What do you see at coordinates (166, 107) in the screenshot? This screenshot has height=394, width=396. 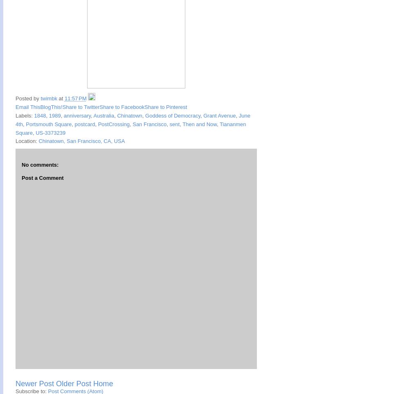 I see `'Share to Pinterest'` at bounding box center [166, 107].